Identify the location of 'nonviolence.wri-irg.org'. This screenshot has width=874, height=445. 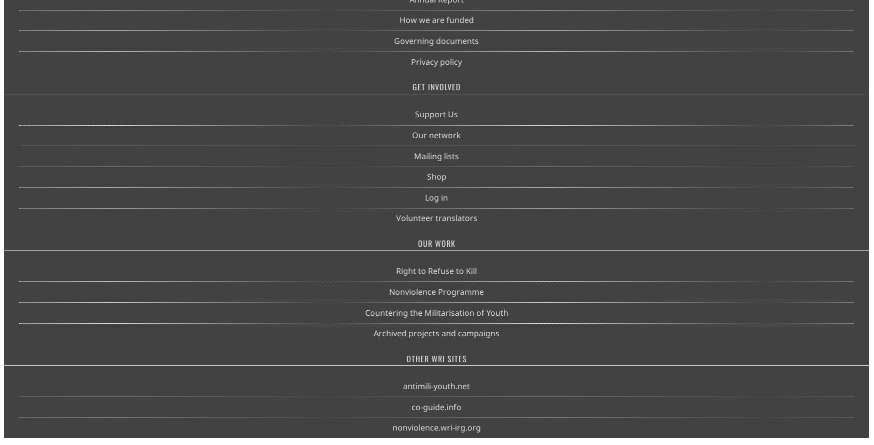
(436, 427).